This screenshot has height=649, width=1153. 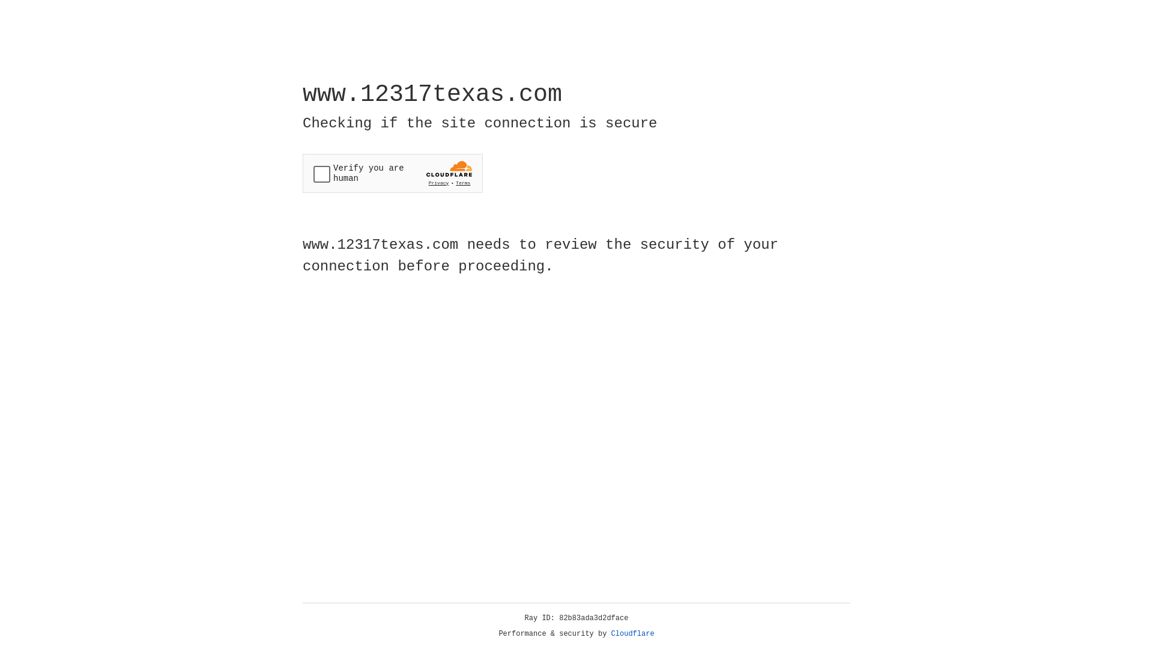 I want to click on 'Cloudflare', so click(x=632, y=633).